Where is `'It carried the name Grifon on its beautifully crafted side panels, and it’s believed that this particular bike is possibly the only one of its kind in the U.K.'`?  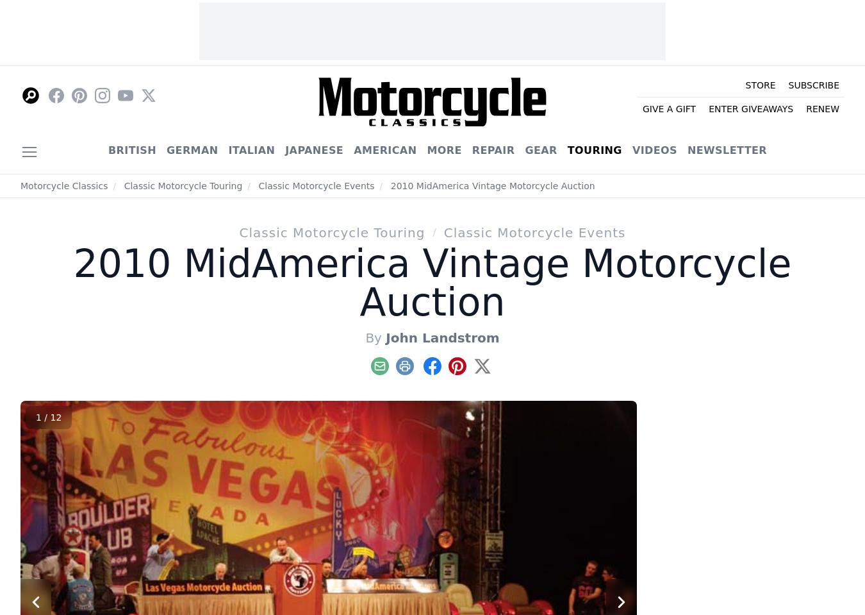 'It carried the name Grifon on its beautifully crafted side panels, and it’s believed that this particular bike is possibly the only one of its kind in the U.K.' is located at coordinates (767, 136).